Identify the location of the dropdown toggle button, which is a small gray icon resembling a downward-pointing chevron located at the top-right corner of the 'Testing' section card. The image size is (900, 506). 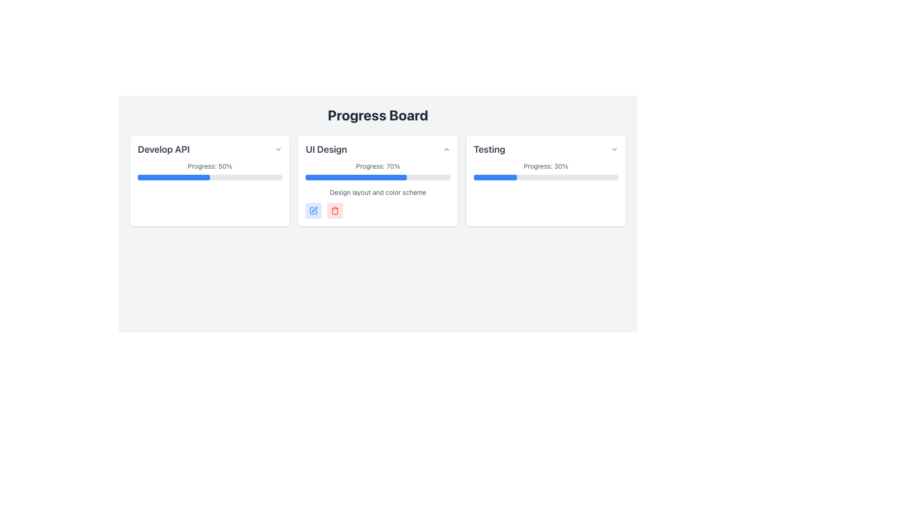
(614, 149).